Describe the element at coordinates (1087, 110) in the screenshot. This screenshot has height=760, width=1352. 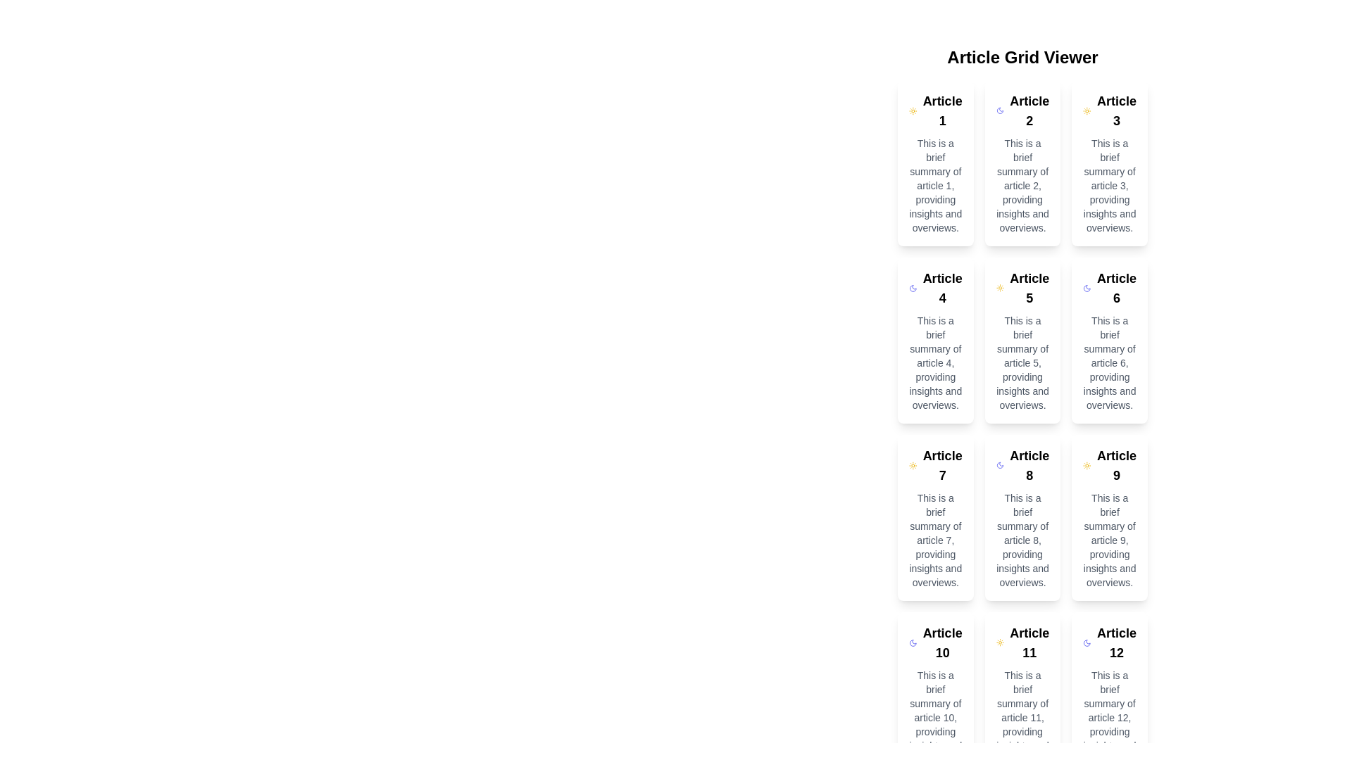
I see `the sun icon in the header of the third article, which is styled with a yellow color and bold outline and is positioned to the left of the text 'Article 3'` at that location.